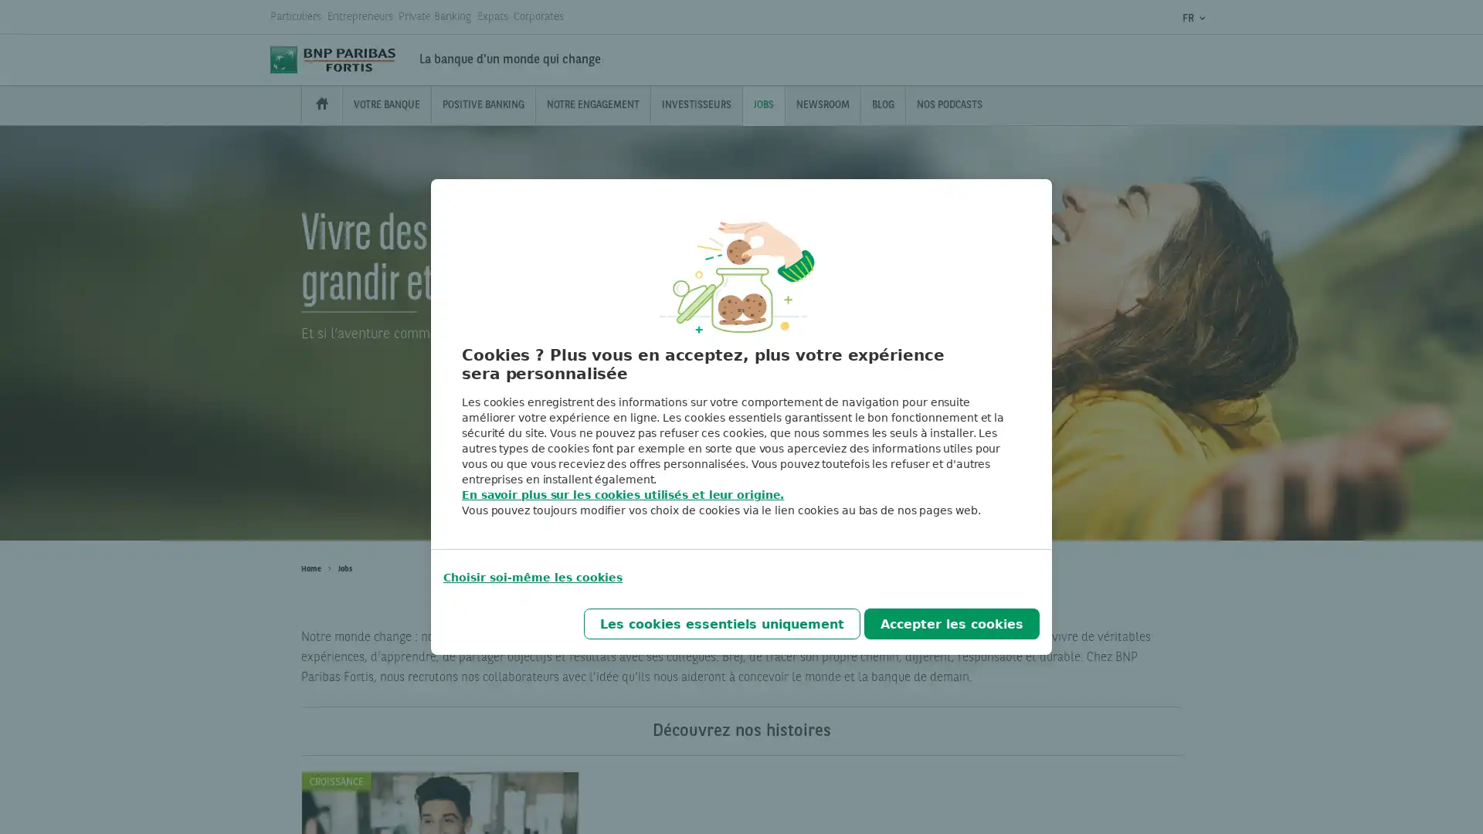 The height and width of the screenshot is (834, 1483). Describe the element at coordinates (214, 38) in the screenshot. I see `Chercher` at that location.